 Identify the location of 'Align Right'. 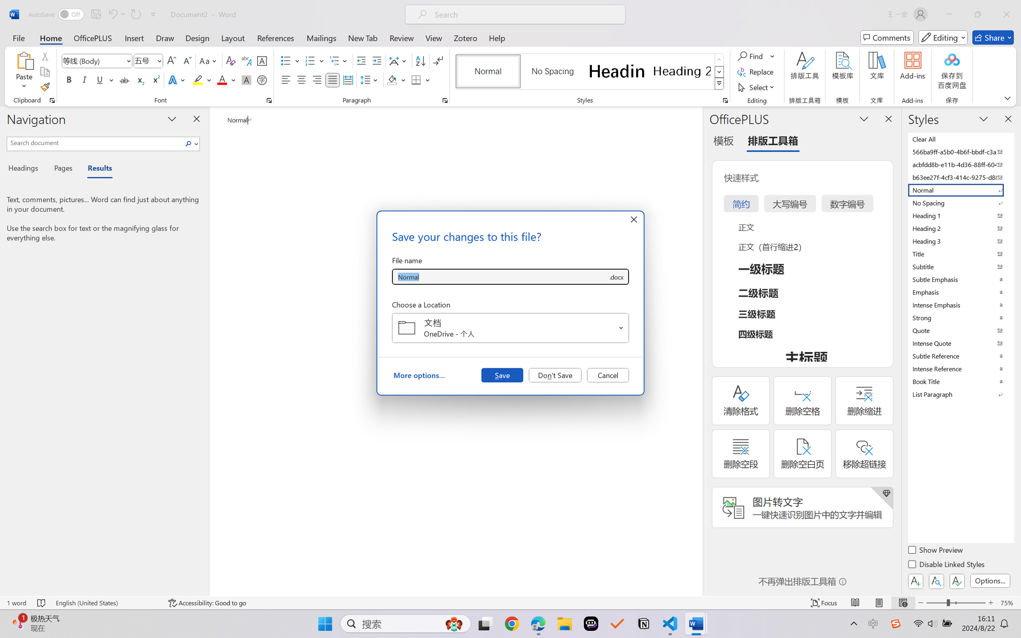
(317, 79).